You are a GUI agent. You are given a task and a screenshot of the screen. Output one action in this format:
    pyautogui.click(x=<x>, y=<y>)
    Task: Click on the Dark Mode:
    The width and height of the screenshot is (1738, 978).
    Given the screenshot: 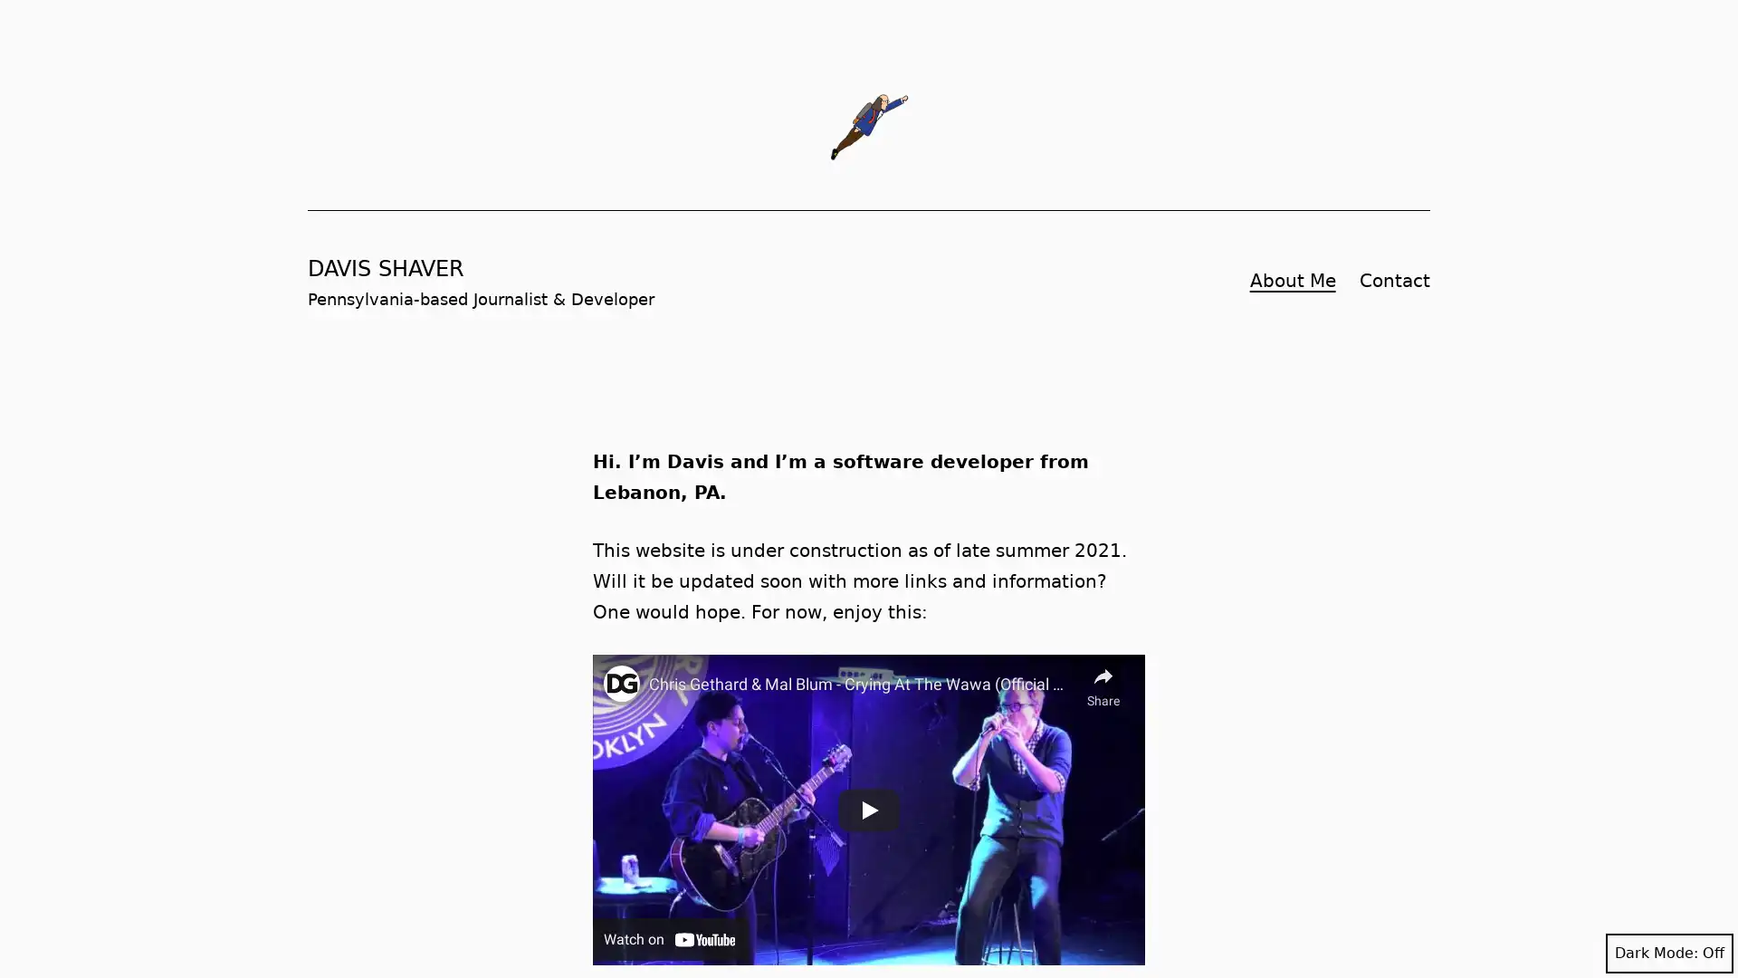 What is the action you would take?
    pyautogui.click(x=1668, y=953)
    